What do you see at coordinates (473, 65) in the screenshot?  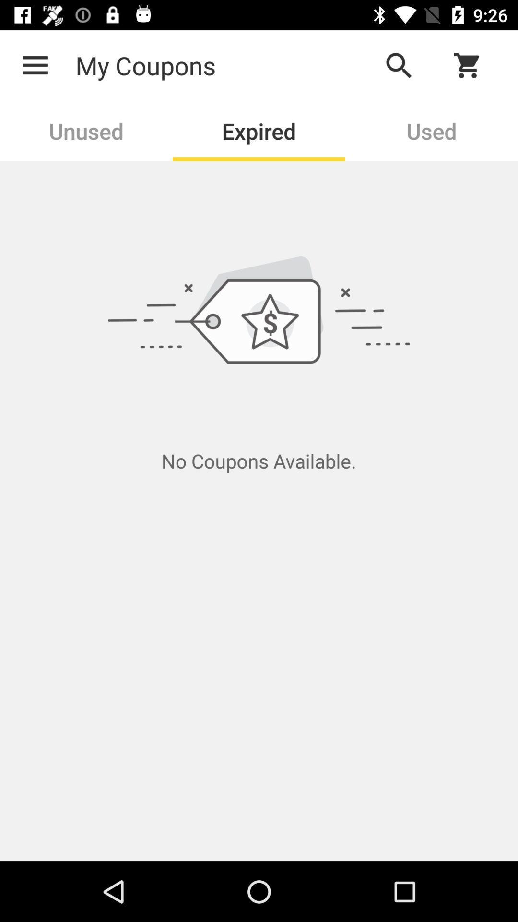 I see `purches` at bounding box center [473, 65].